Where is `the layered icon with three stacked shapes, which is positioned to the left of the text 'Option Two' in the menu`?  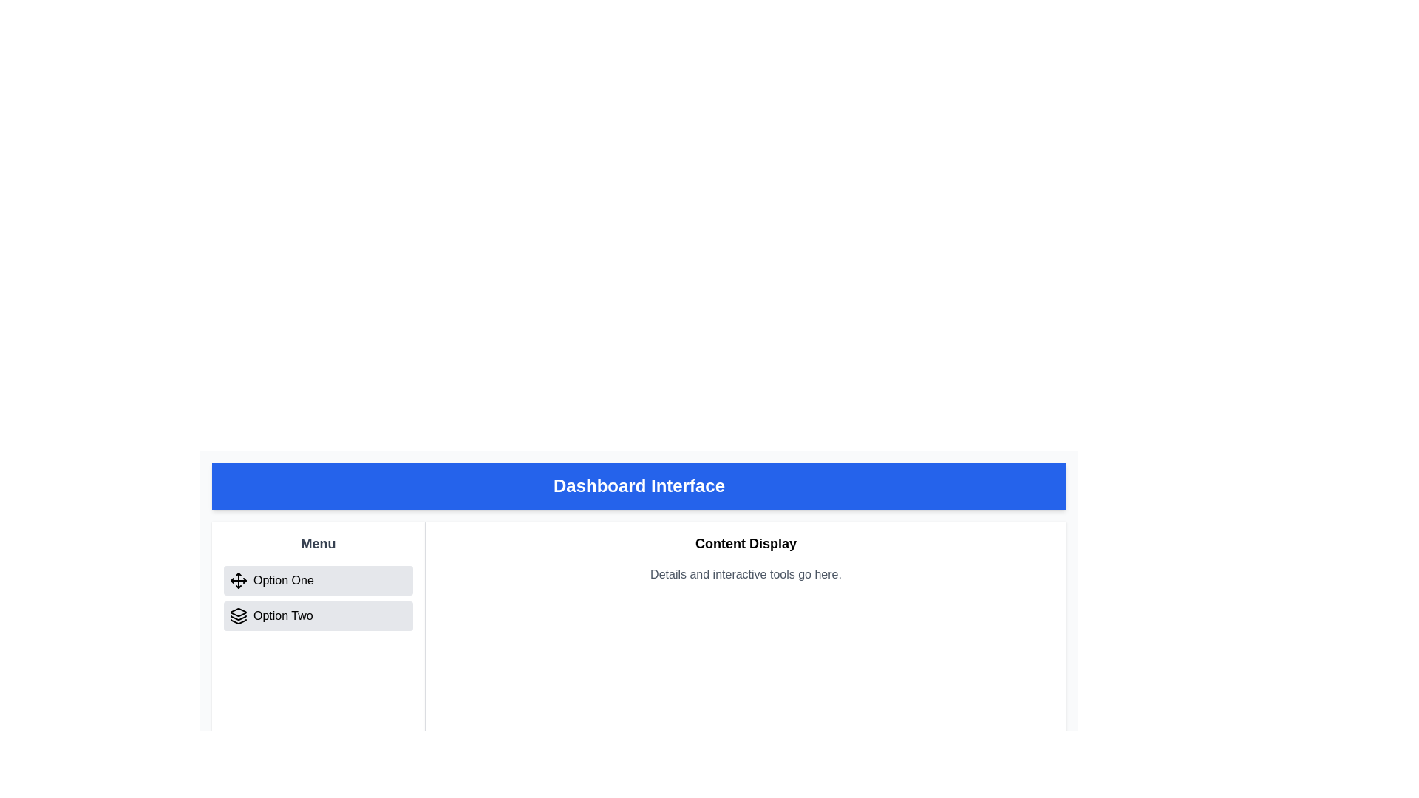
the layered icon with three stacked shapes, which is positioned to the left of the text 'Option Two' in the menu is located at coordinates (238, 615).